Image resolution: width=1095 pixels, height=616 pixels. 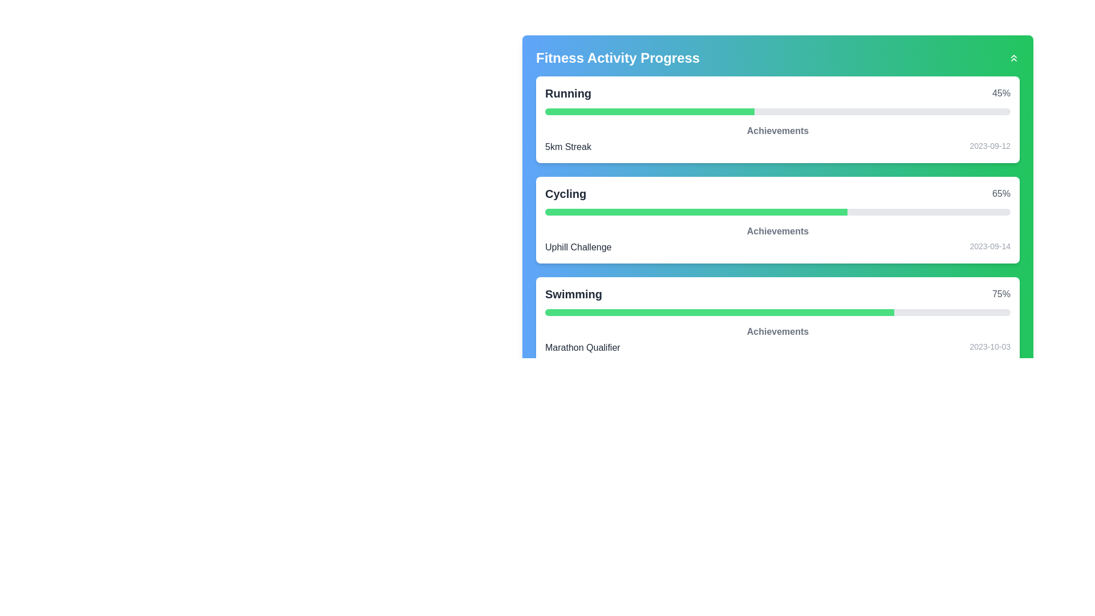 What do you see at coordinates (566, 193) in the screenshot?
I see `text label that displays 'Cycling', which is styled in bold and larger font, located in the second section of the activity progress interface` at bounding box center [566, 193].